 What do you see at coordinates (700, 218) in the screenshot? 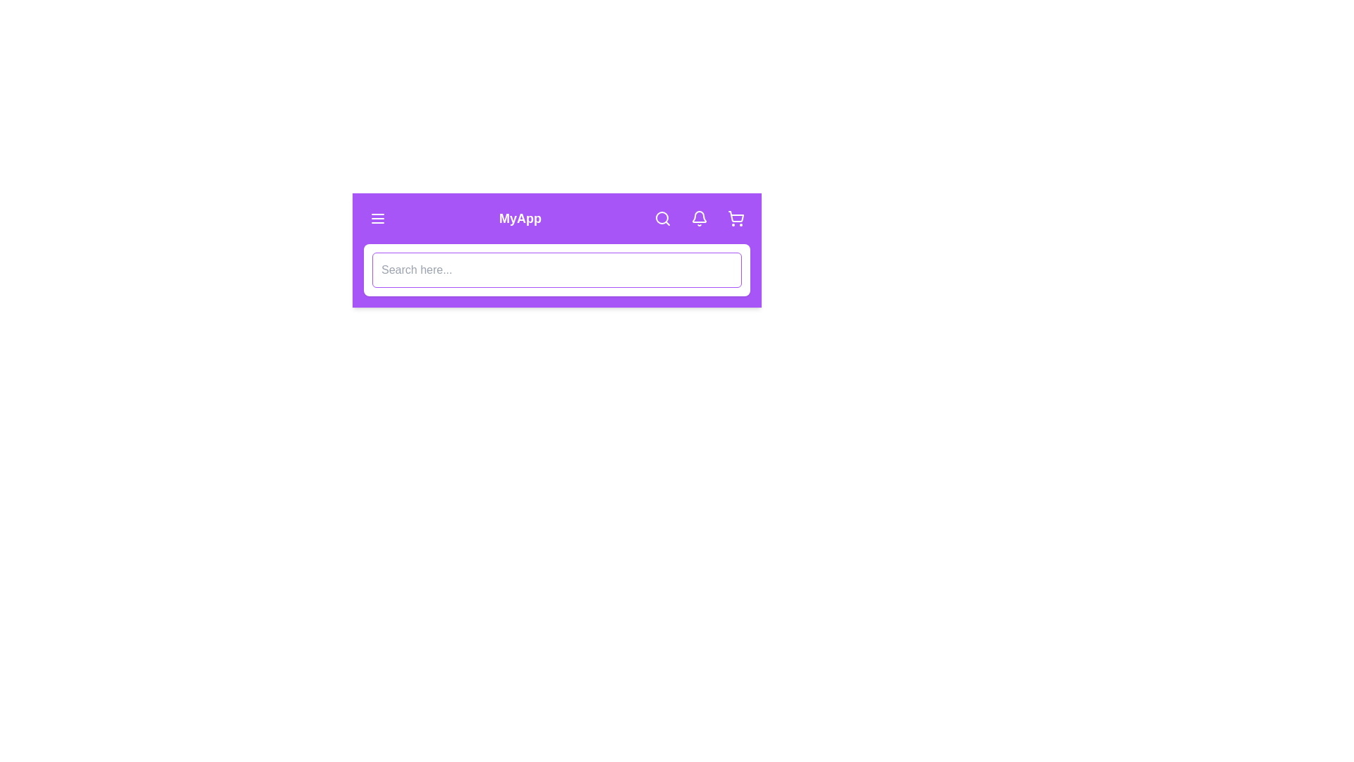
I see `the notification bell icon` at bounding box center [700, 218].